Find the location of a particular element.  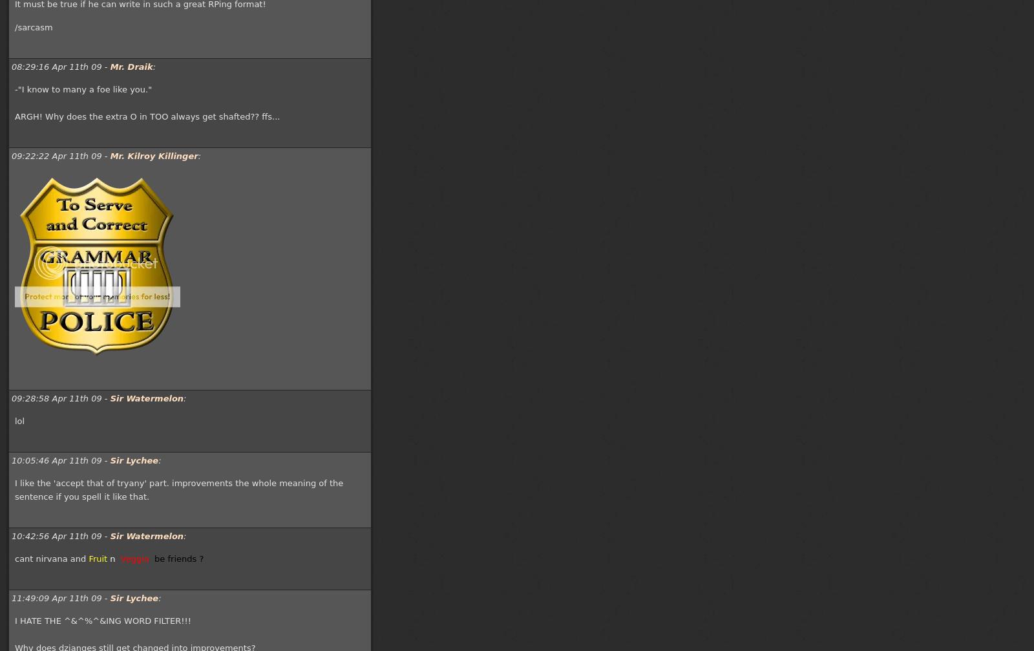

'be friends ?' is located at coordinates (154, 558).